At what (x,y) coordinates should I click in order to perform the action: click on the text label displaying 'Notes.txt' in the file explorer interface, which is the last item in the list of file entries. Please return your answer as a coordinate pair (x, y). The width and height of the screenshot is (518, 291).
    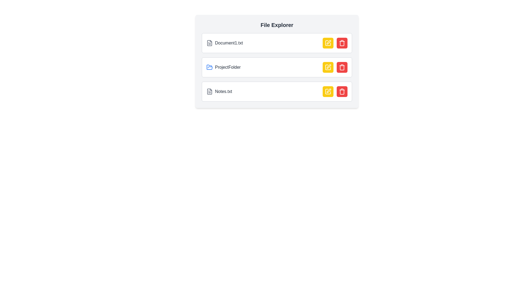
    Looking at the image, I should click on (223, 91).